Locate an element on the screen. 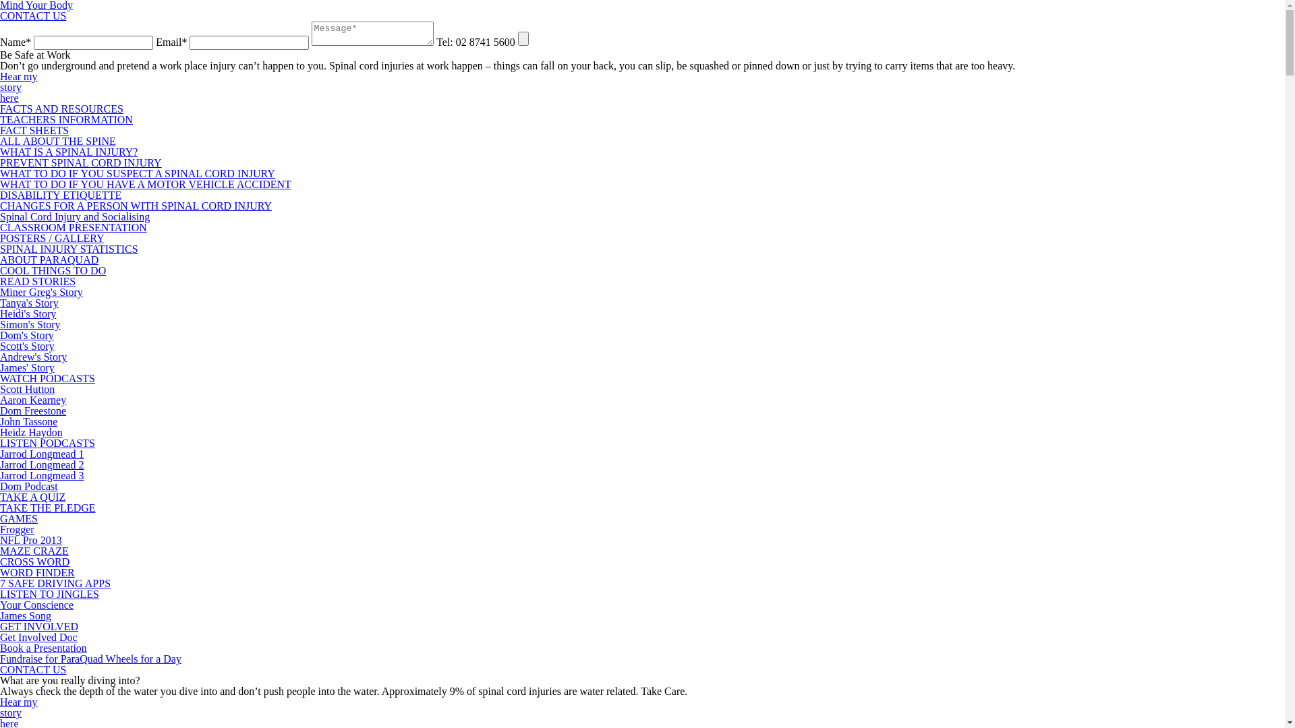  'FACT SHEETS' is located at coordinates (34, 130).